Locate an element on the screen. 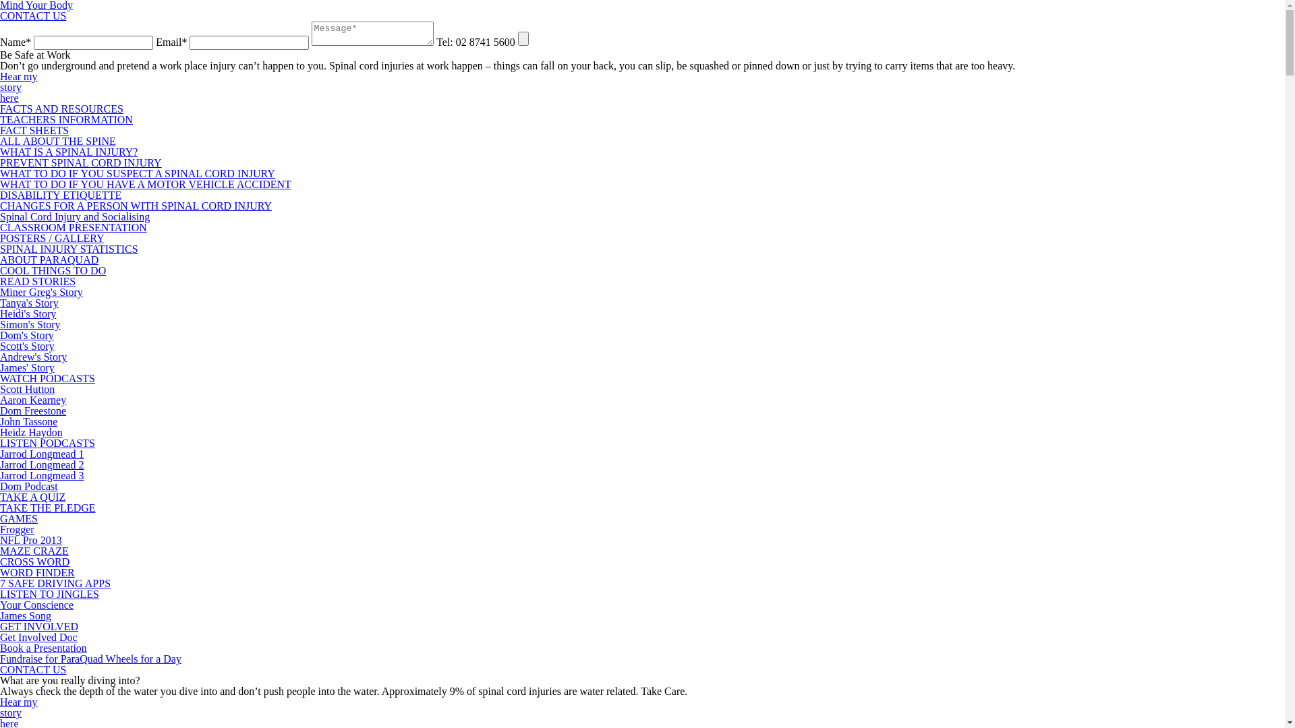  'FACT SHEETS' is located at coordinates (34, 130).